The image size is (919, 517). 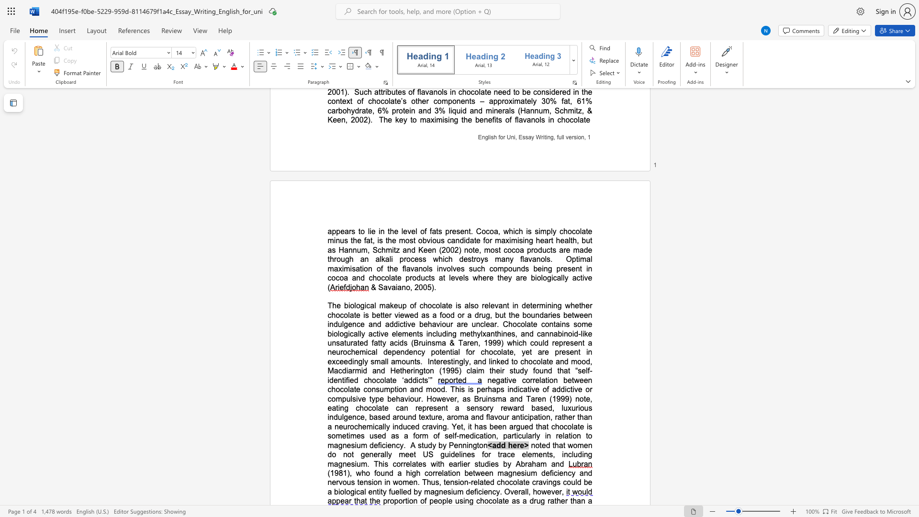 I want to click on the subset text "amoun" within the text "a neurochemical dependency potential for chocolate, yet are present in exceedingly small amounts", so click(x=391, y=361).